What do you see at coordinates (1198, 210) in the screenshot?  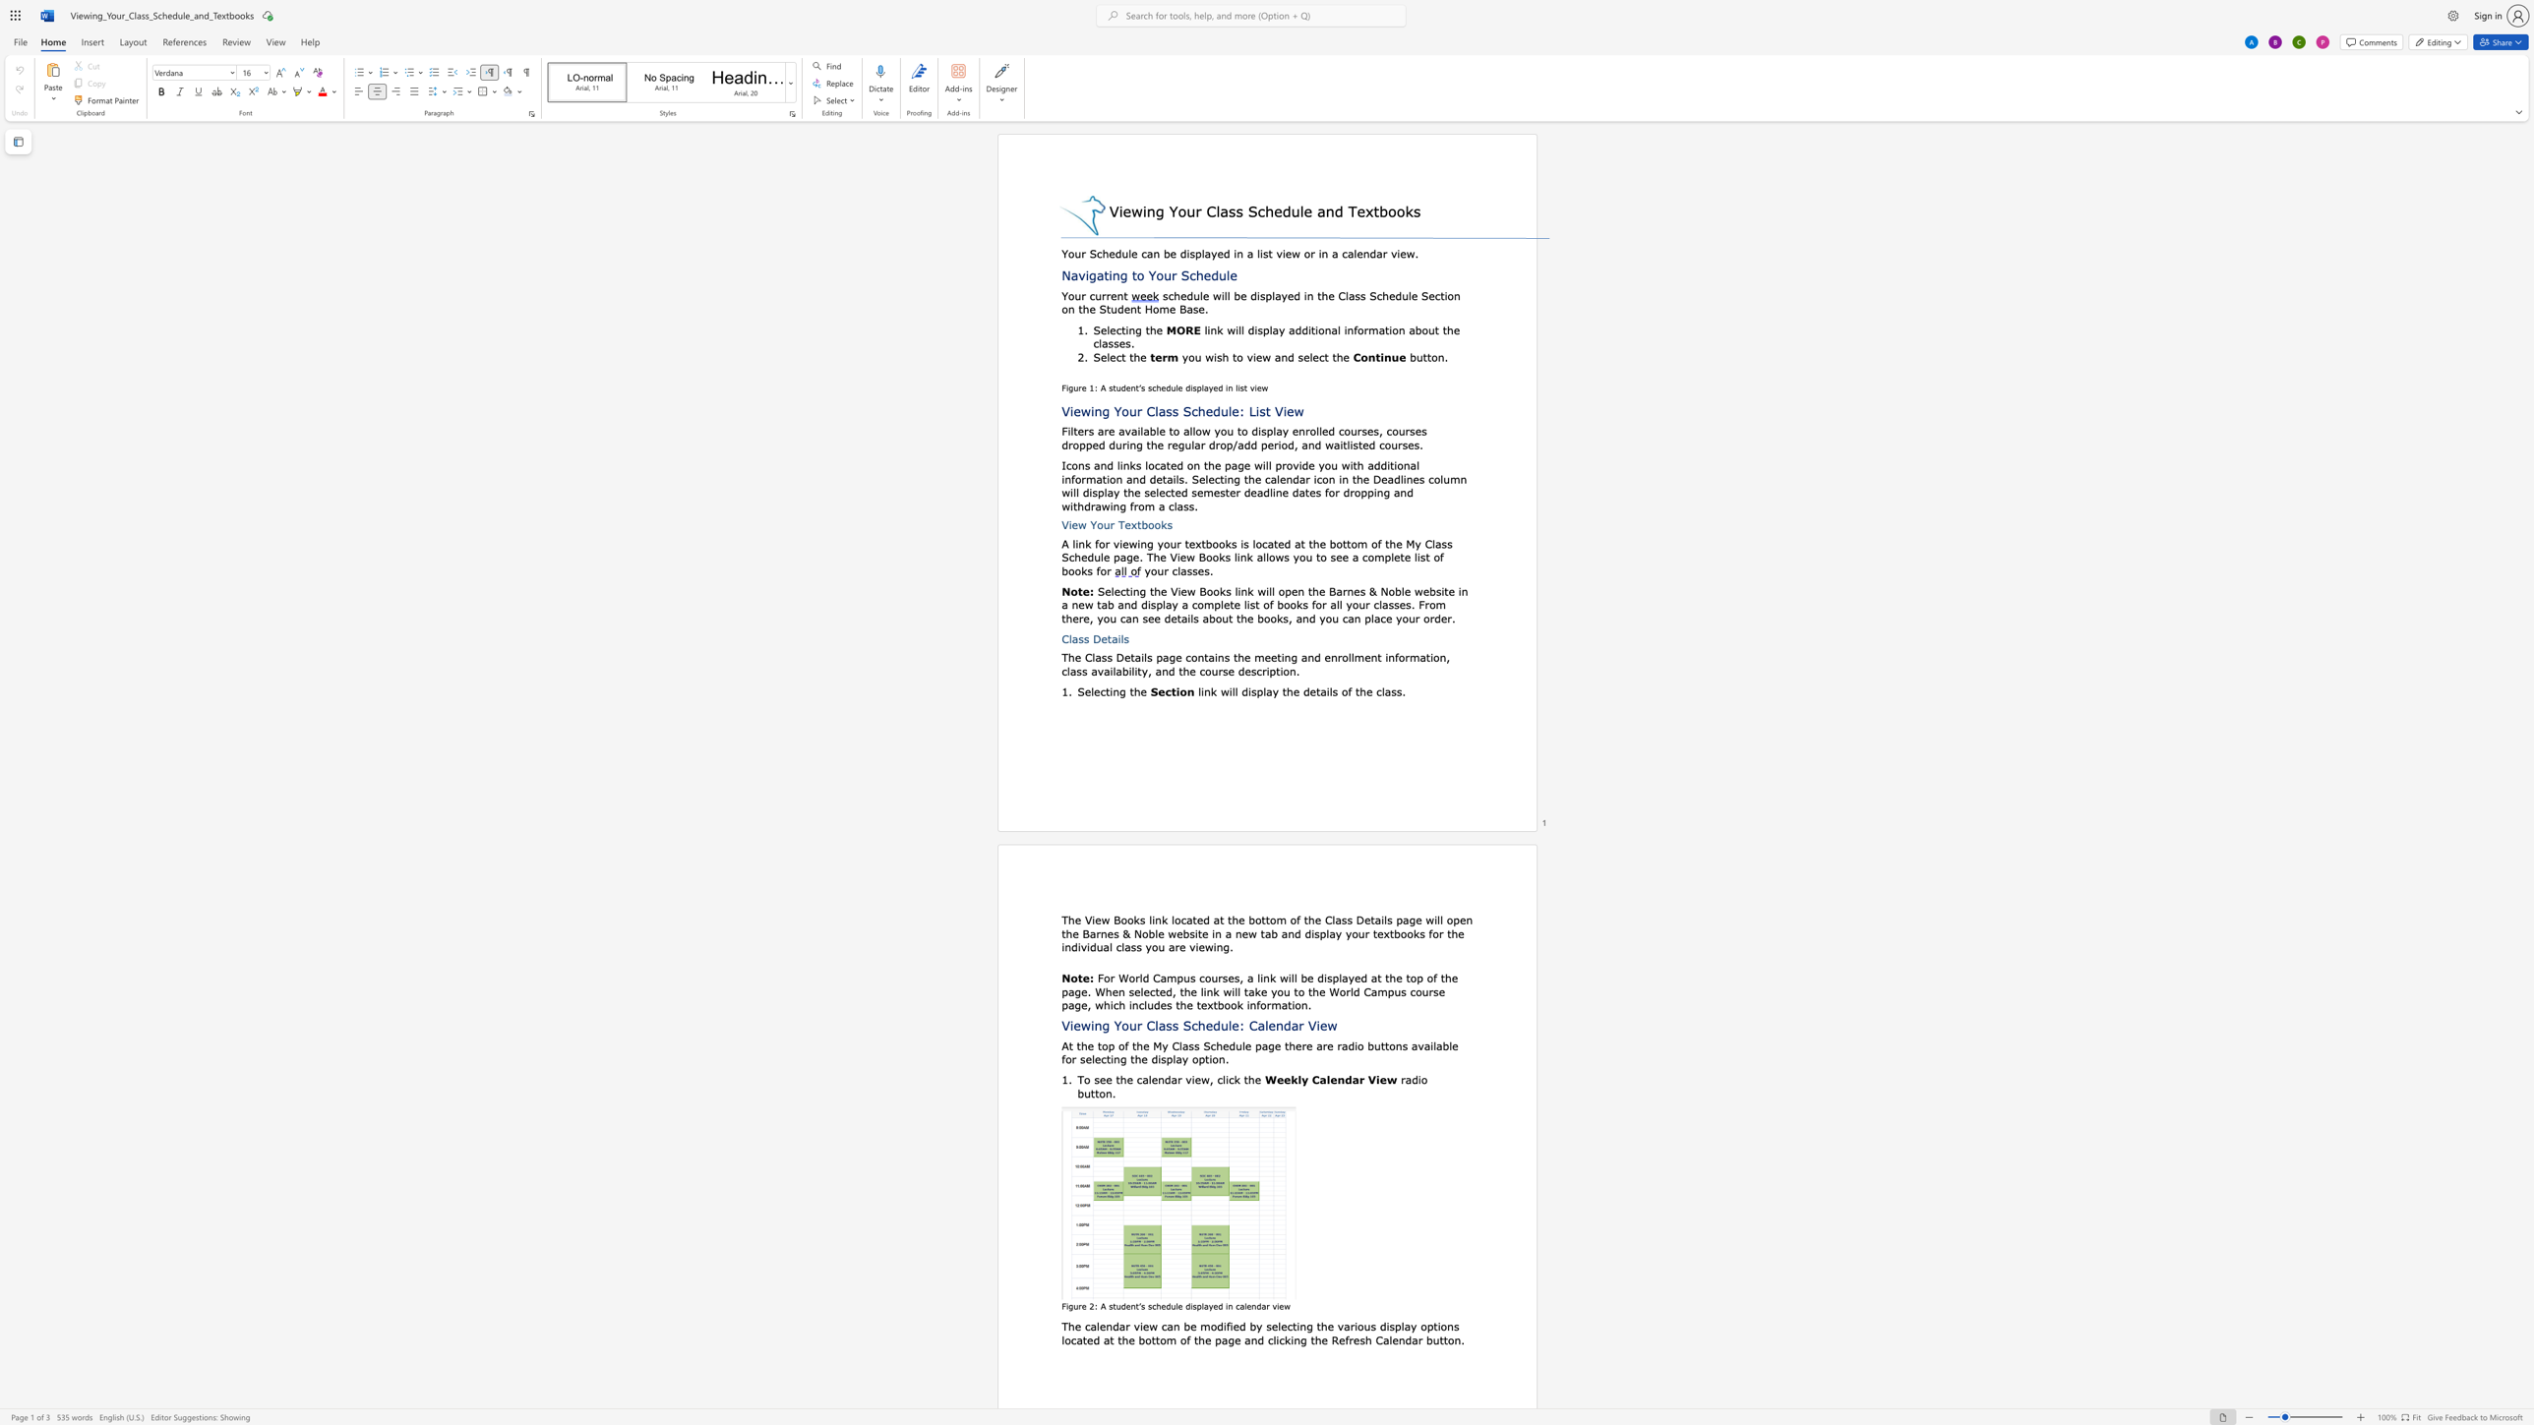 I see `the 1th character "r" in the text` at bounding box center [1198, 210].